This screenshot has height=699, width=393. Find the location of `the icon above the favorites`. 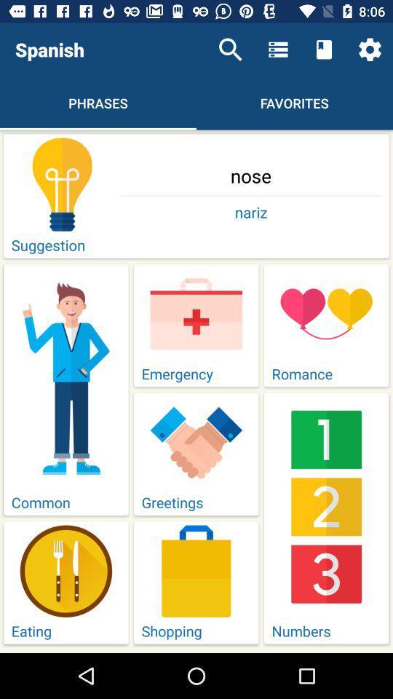

the icon above the favorites is located at coordinates (324, 50).